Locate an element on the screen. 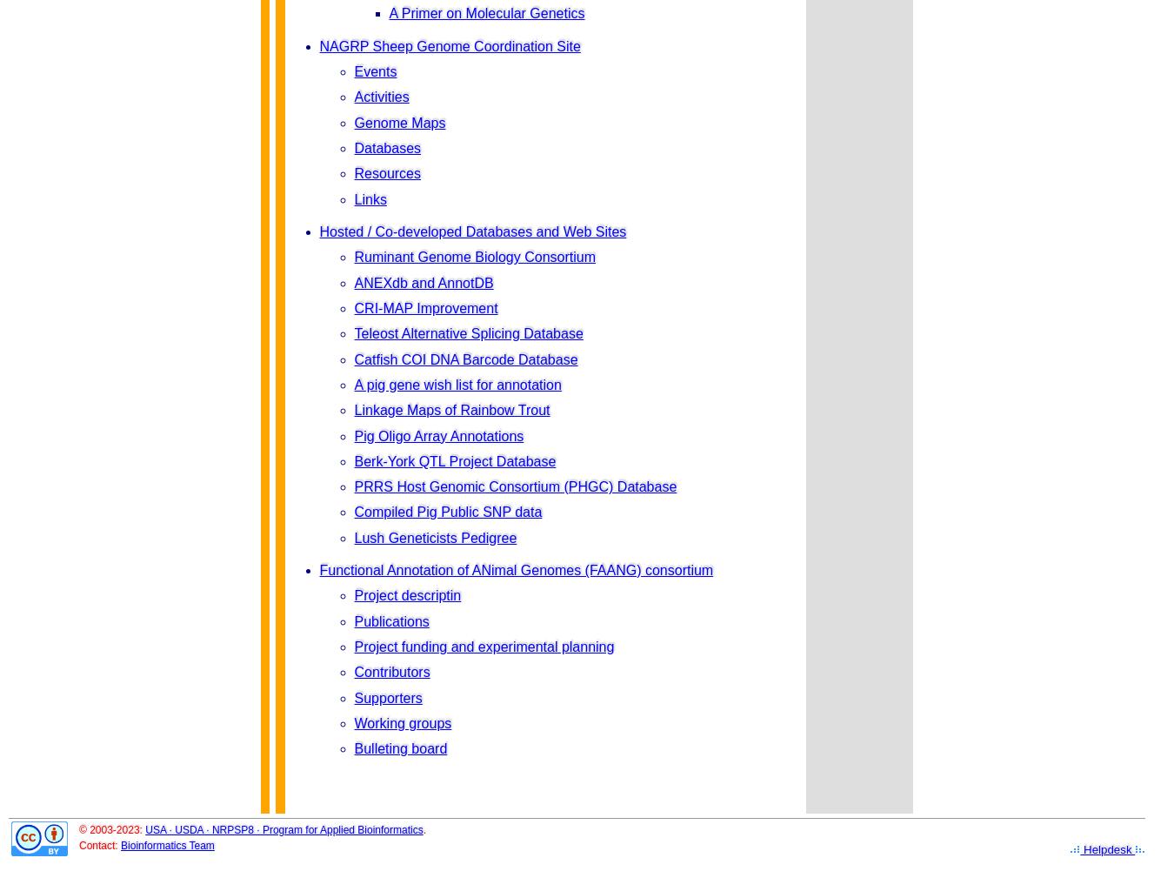  'Project funding and experimental planning' is located at coordinates (483, 647).